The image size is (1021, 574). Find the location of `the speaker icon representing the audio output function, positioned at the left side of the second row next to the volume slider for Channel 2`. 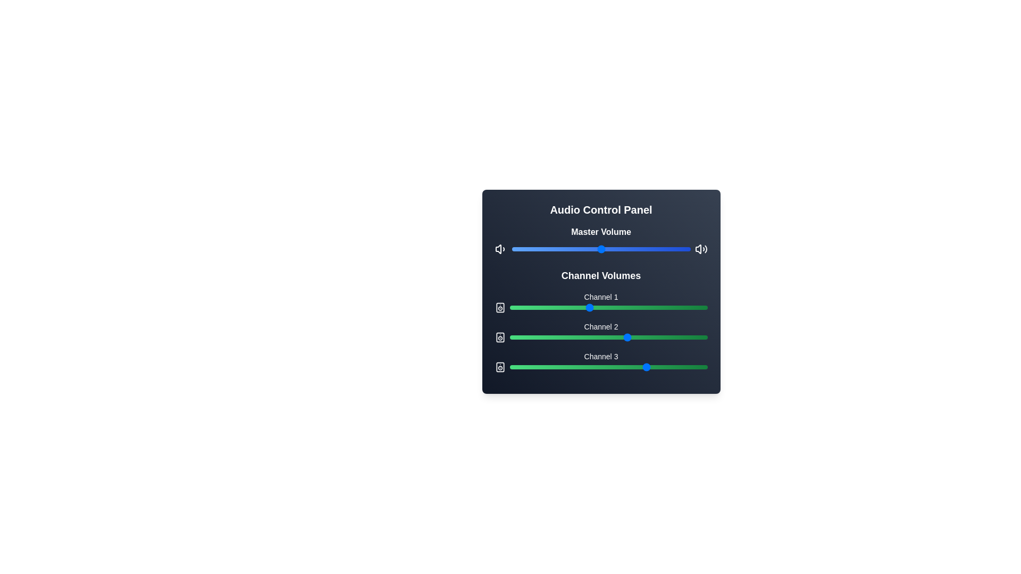

the speaker icon representing the audio output function, positioned at the left side of the second row next to the volume slider for Channel 2 is located at coordinates (499, 337).